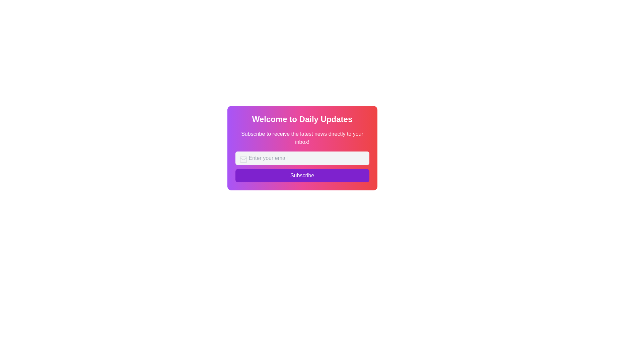 Image resolution: width=643 pixels, height=362 pixels. What do you see at coordinates (302, 158) in the screenshot?
I see `the email input field located in the center of the section titled 'Welcome to Daily Updates'` at bounding box center [302, 158].